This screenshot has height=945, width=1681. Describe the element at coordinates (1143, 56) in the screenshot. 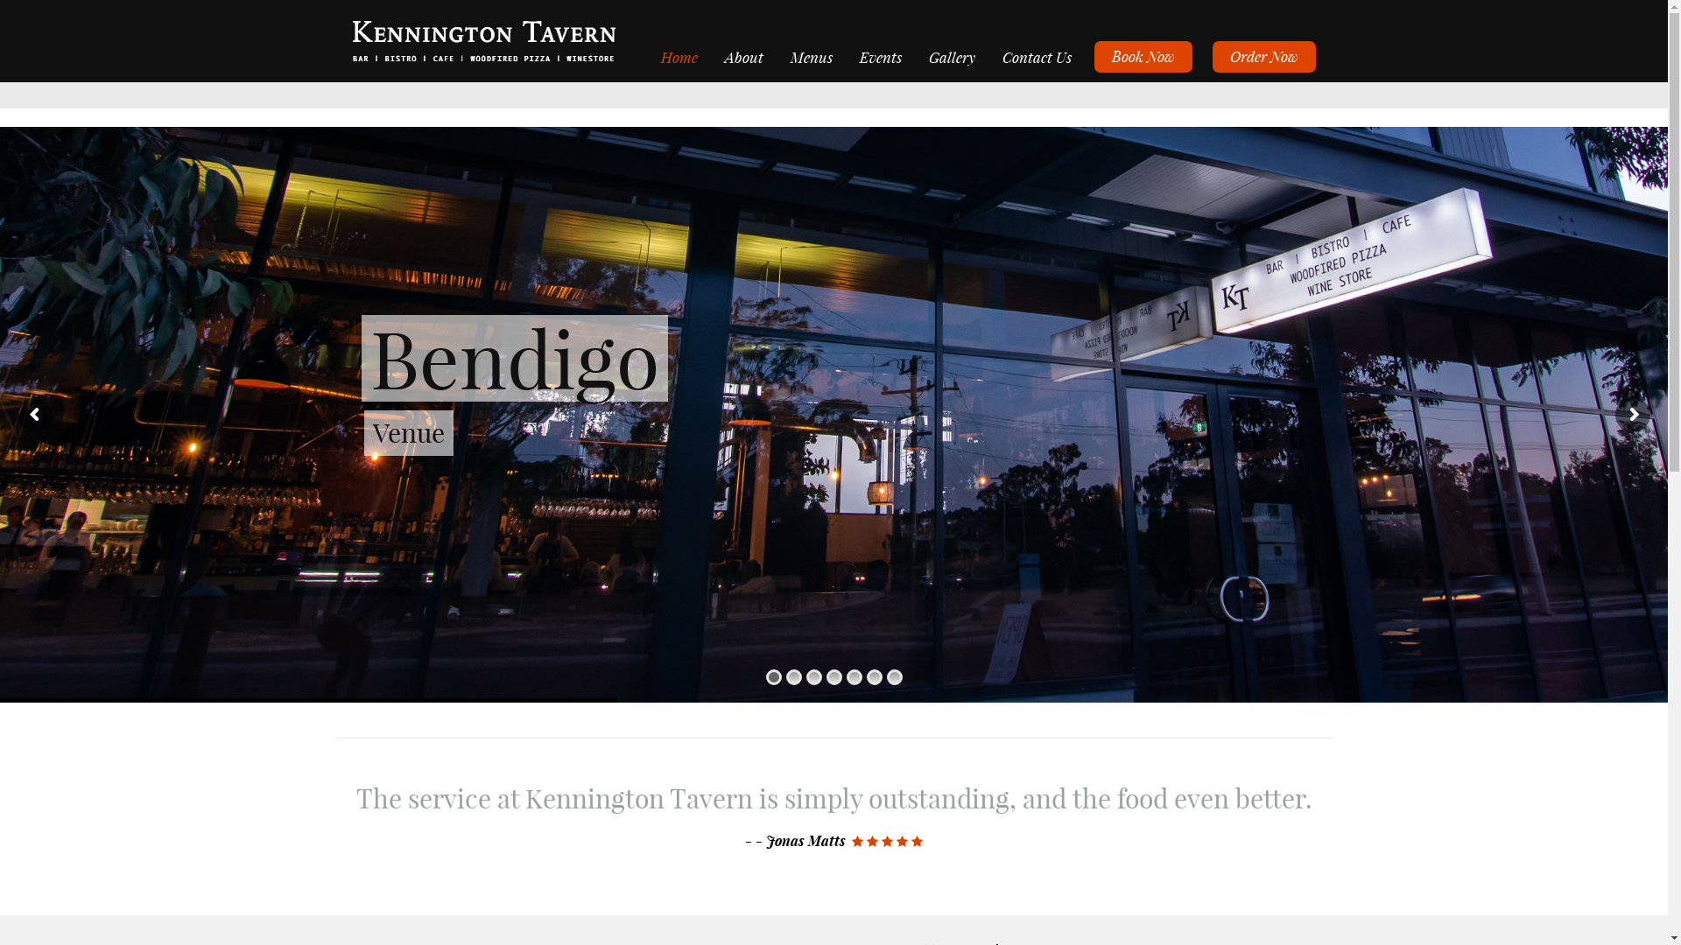

I see `'Book Now'` at that location.